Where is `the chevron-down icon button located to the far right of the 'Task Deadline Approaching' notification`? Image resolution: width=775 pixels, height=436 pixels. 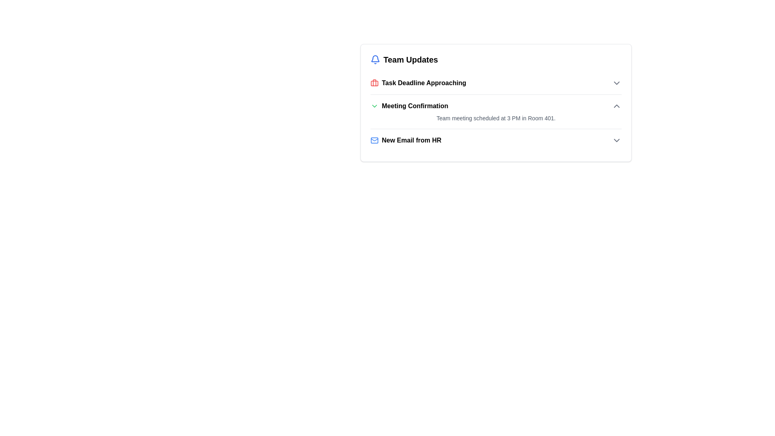
the chevron-down icon button located to the far right of the 'Task Deadline Approaching' notification is located at coordinates (616, 83).